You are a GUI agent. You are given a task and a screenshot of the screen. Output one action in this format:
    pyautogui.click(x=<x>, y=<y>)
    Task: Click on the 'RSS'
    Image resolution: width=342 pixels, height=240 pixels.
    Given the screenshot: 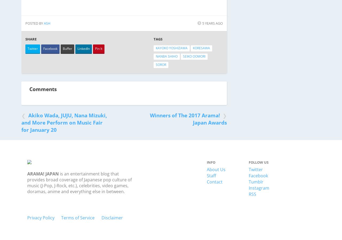 What is the action you would take?
    pyautogui.click(x=252, y=194)
    